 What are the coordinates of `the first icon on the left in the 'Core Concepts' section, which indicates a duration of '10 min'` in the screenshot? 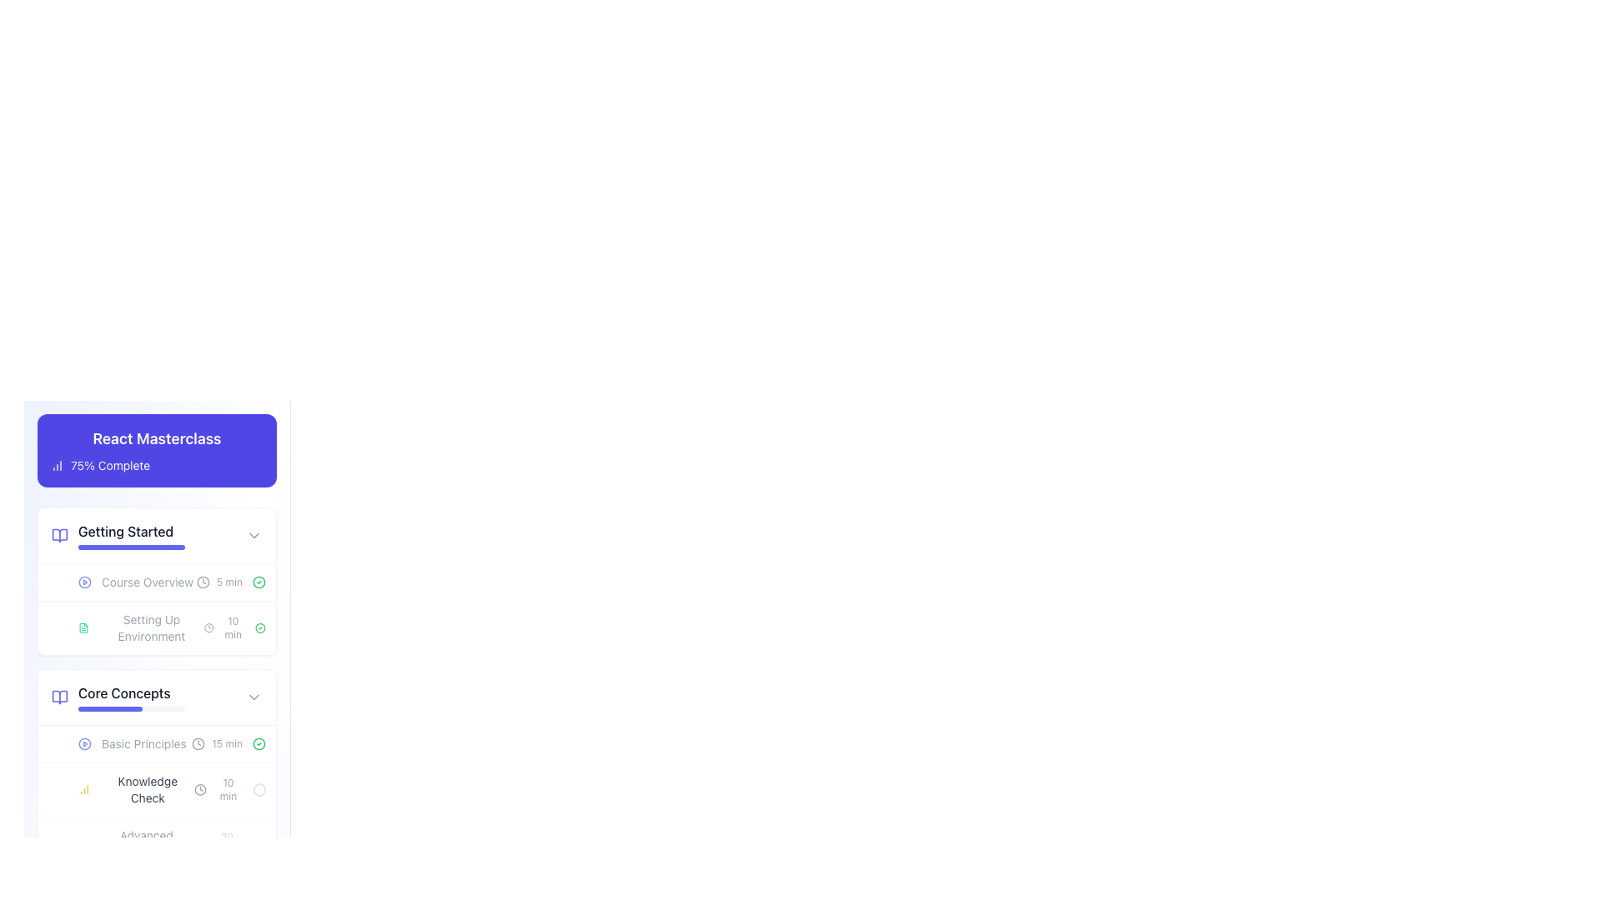 It's located at (200, 789).